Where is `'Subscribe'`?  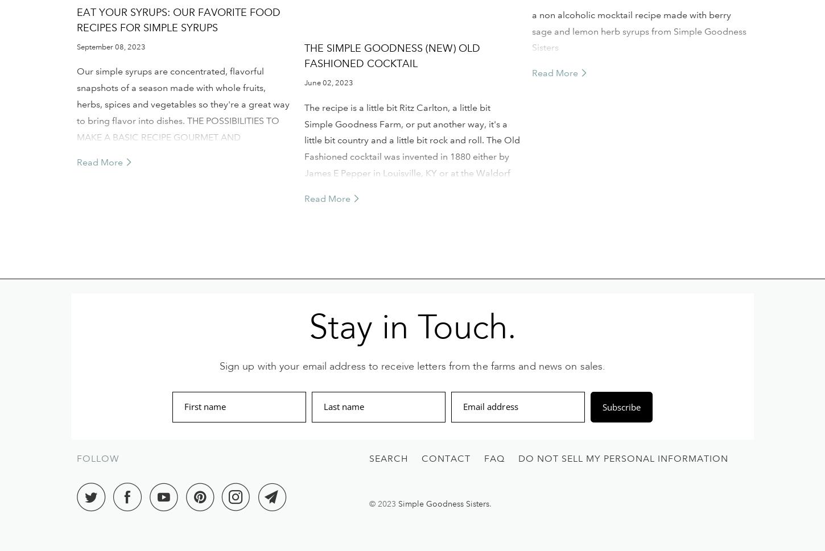
'Subscribe' is located at coordinates (620, 407).